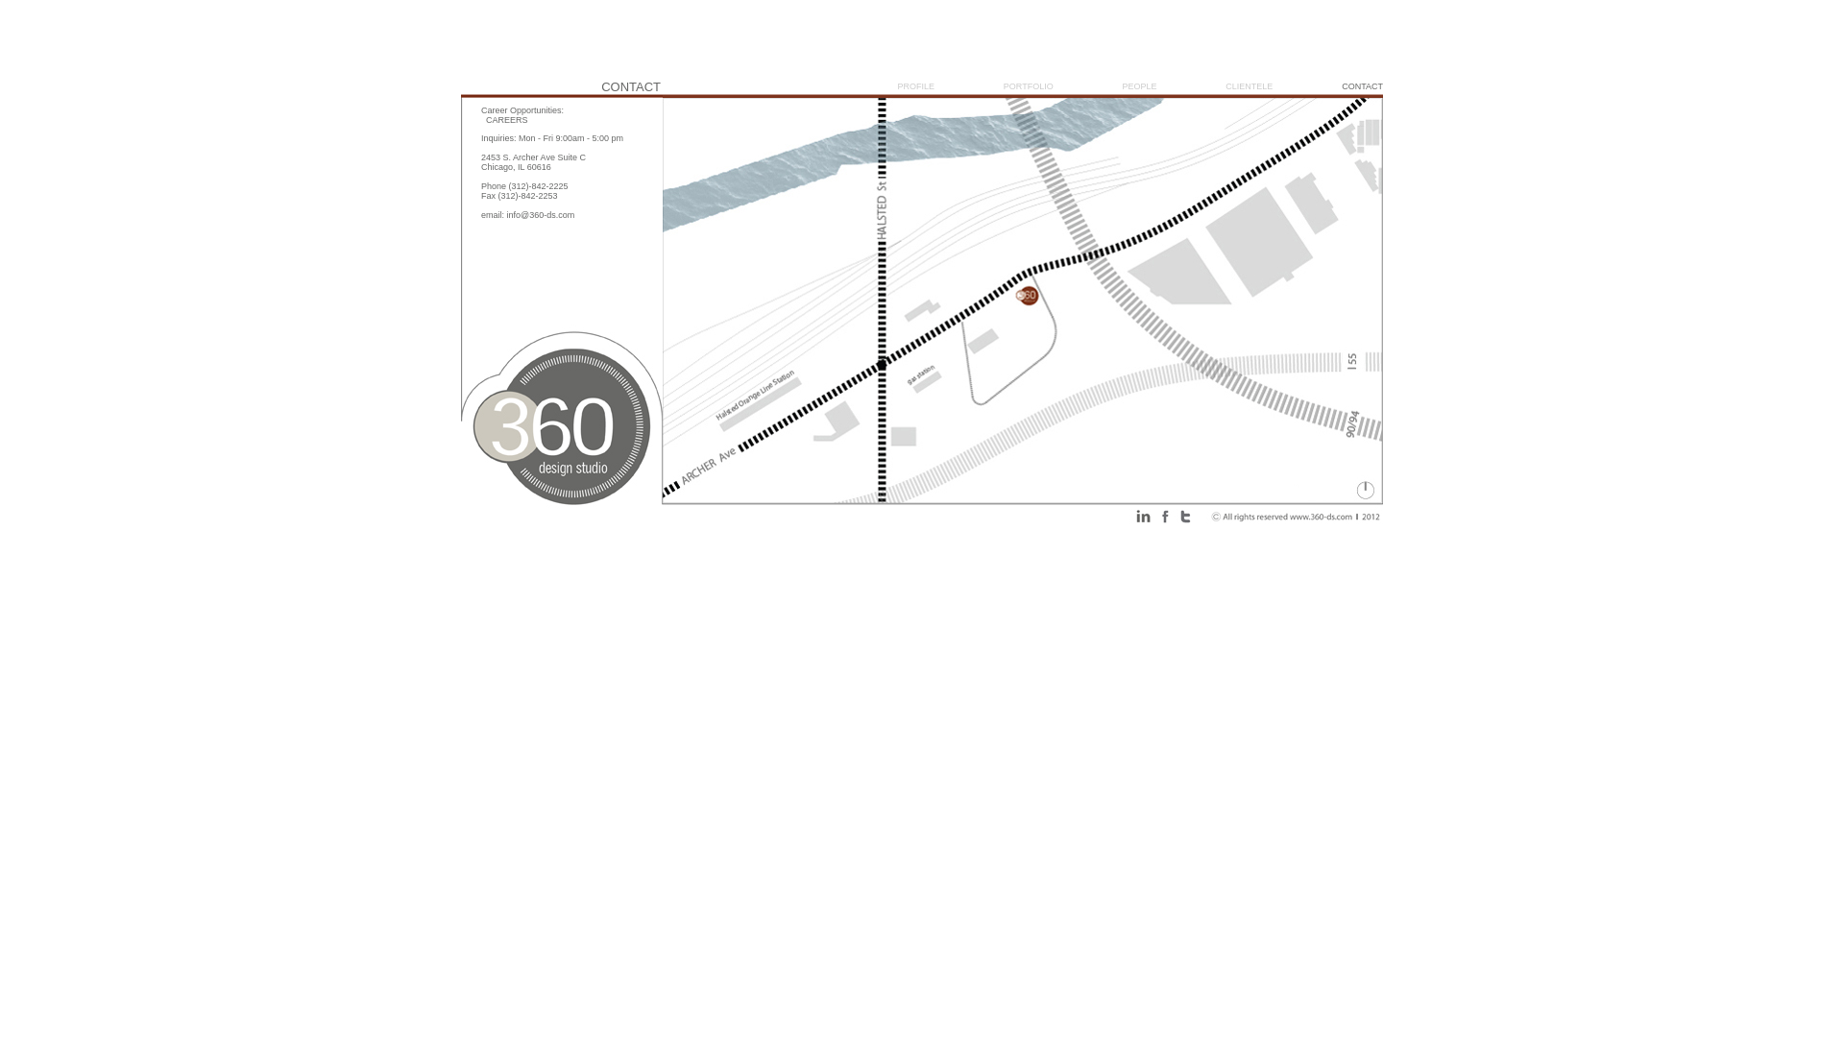 The height and width of the screenshot is (1037, 1844). Describe the element at coordinates (1138, 84) in the screenshot. I see `'PEOPLE'` at that location.